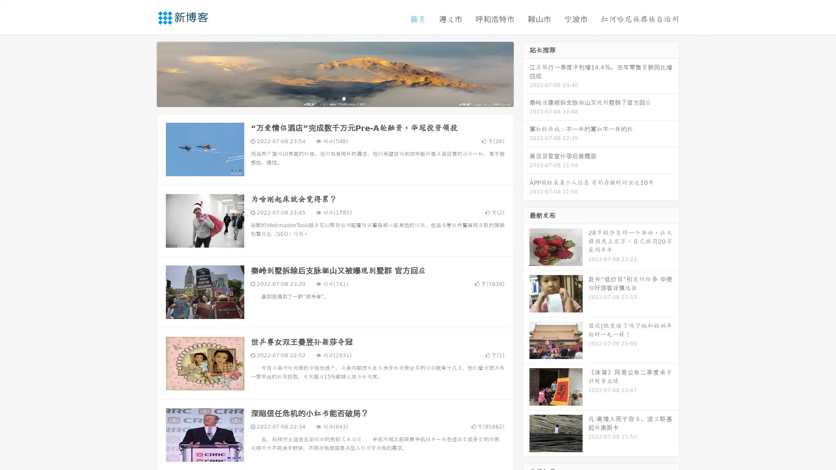 This screenshot has height=470, width=836. What do you see at coordinates (344, 98) in the screenshot?
I see `Go to slide 3` at bounding box center [344, 98].